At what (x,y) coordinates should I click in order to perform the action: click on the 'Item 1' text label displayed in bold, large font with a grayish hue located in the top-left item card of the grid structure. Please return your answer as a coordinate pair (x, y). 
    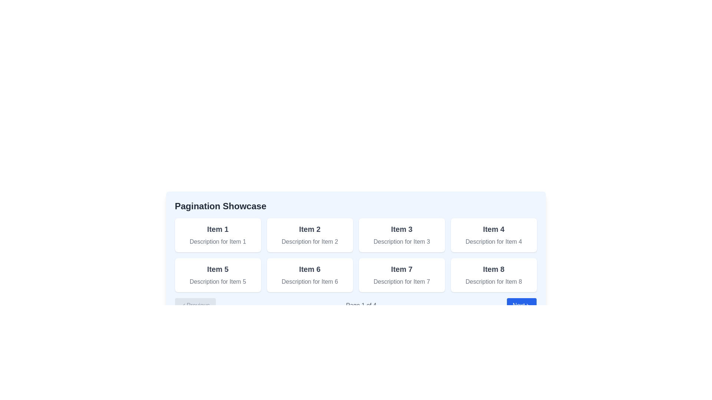
    Looking at the image, I should click on (217, 229).